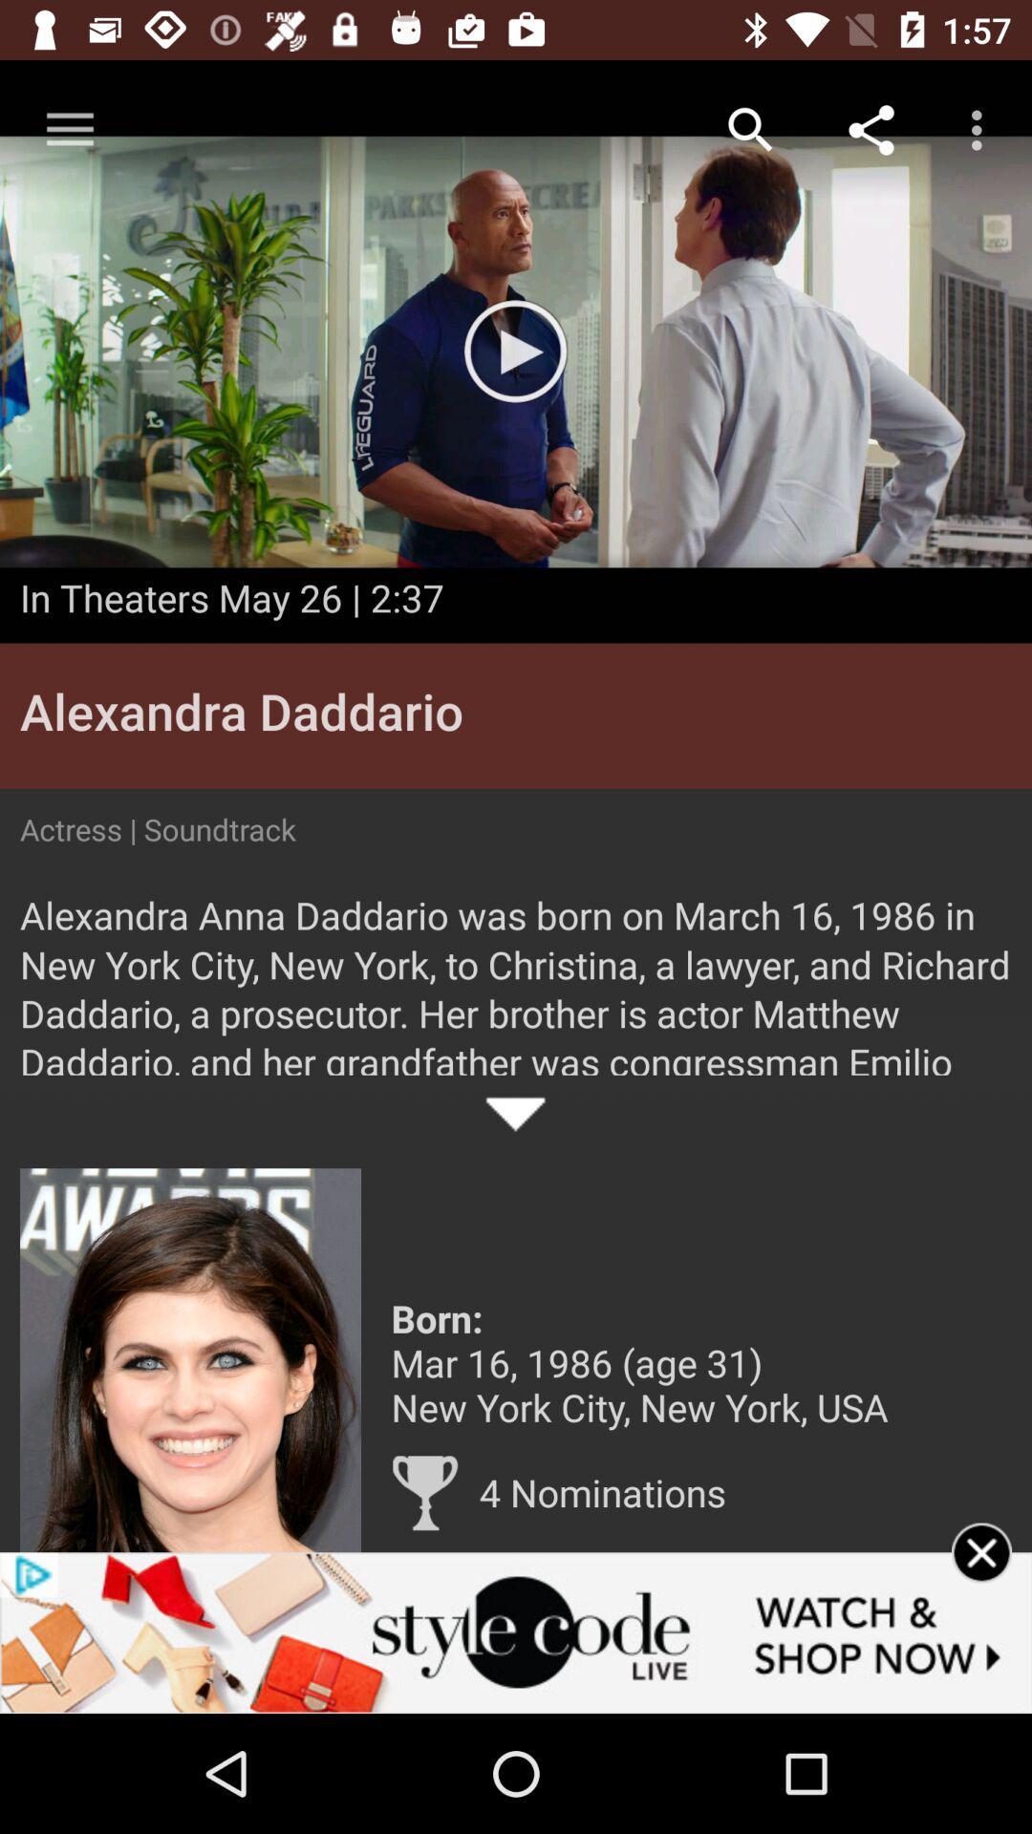  What do you see at coordinates (190, 1359) in the screenshot?
I see `get more information` at bounding box center [190, 1359].